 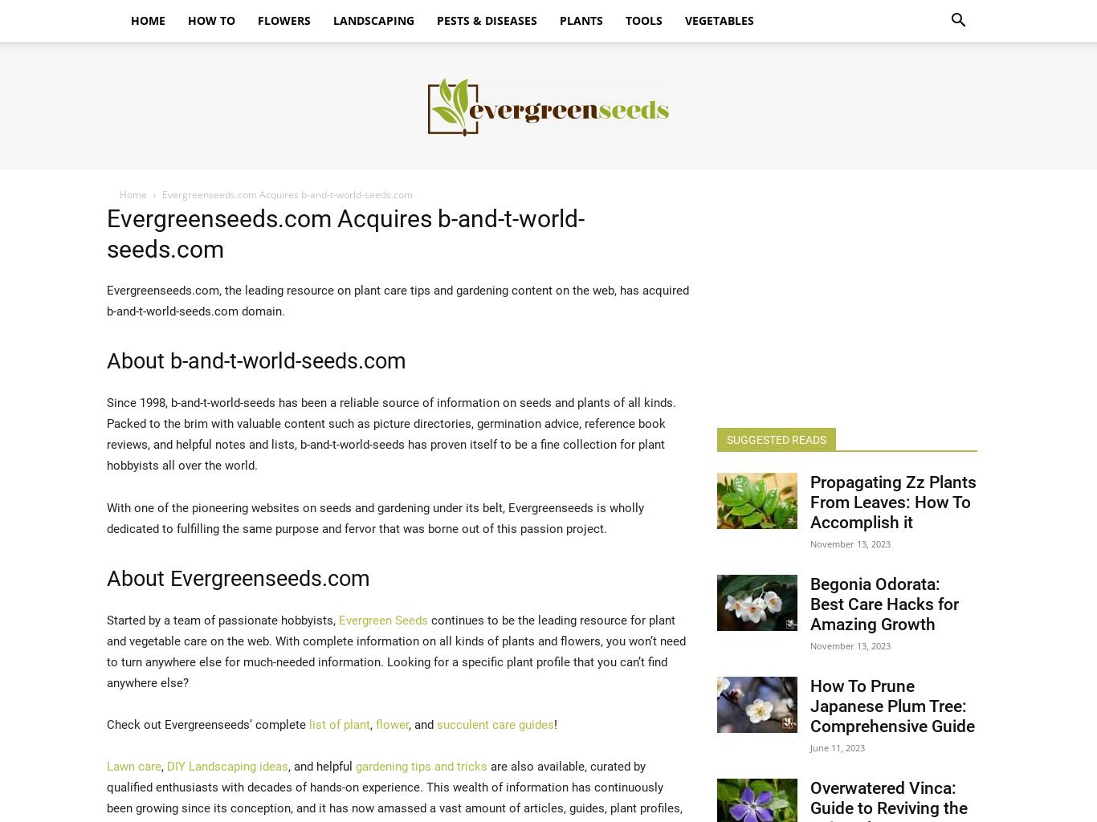 What do you see at coordinates (337, 723) in the screenshot?
I see `'list of plant'` at bounding box center [337, 723].